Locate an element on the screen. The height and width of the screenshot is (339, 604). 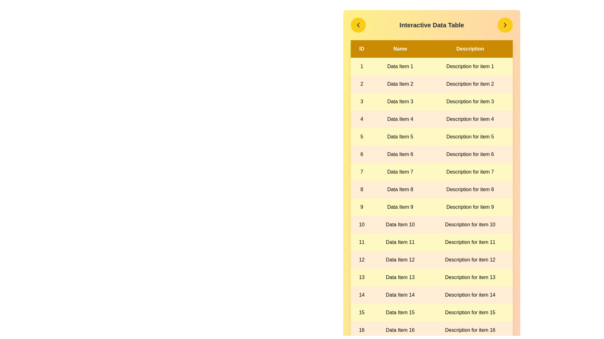
the header cell labeled Description to reveal its description is located at coordinates (470, 48).